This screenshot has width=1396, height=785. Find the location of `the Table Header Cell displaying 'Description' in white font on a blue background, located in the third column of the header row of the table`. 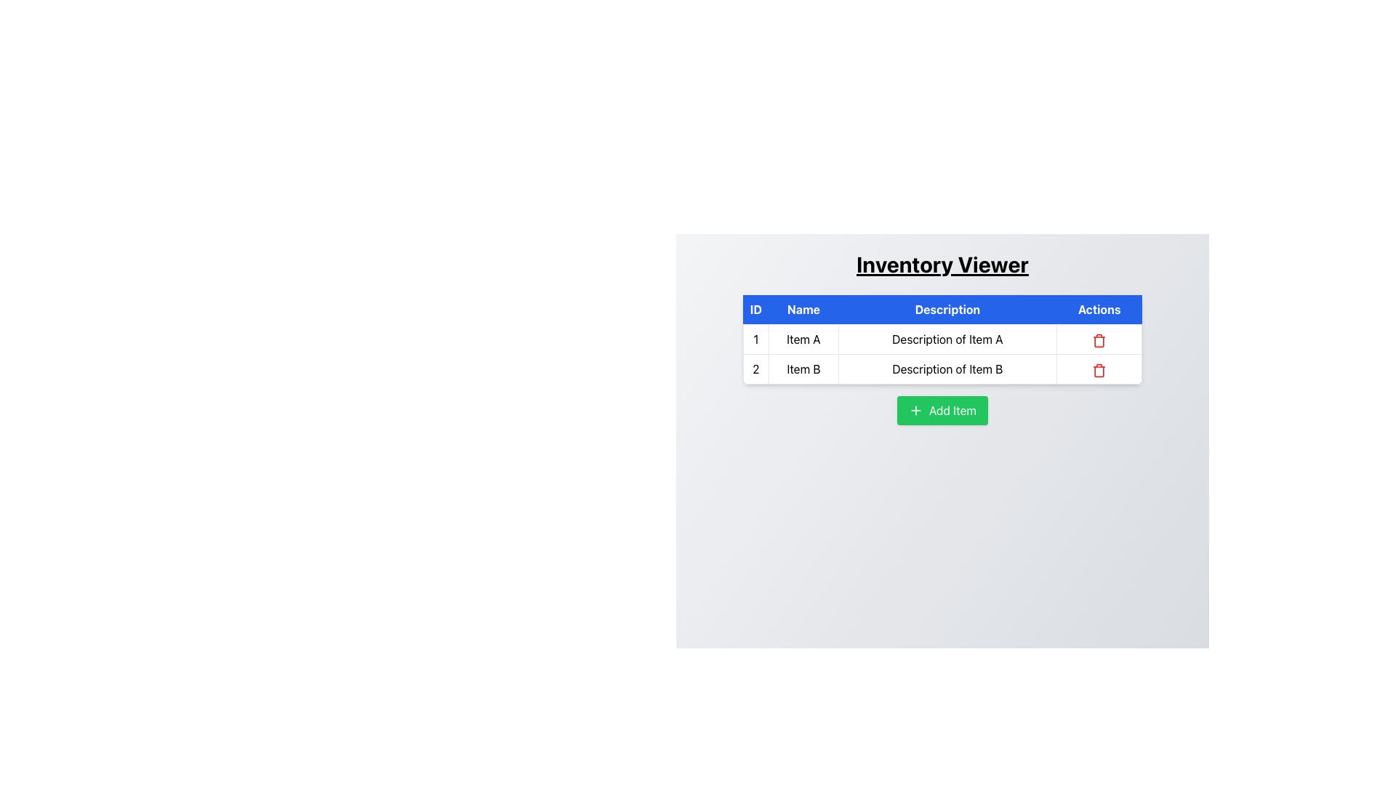

the Table Header Cell displaying 'Description' in white font on a blue background, located in the third column of the header row of the table is located at coordinates (947, 309).